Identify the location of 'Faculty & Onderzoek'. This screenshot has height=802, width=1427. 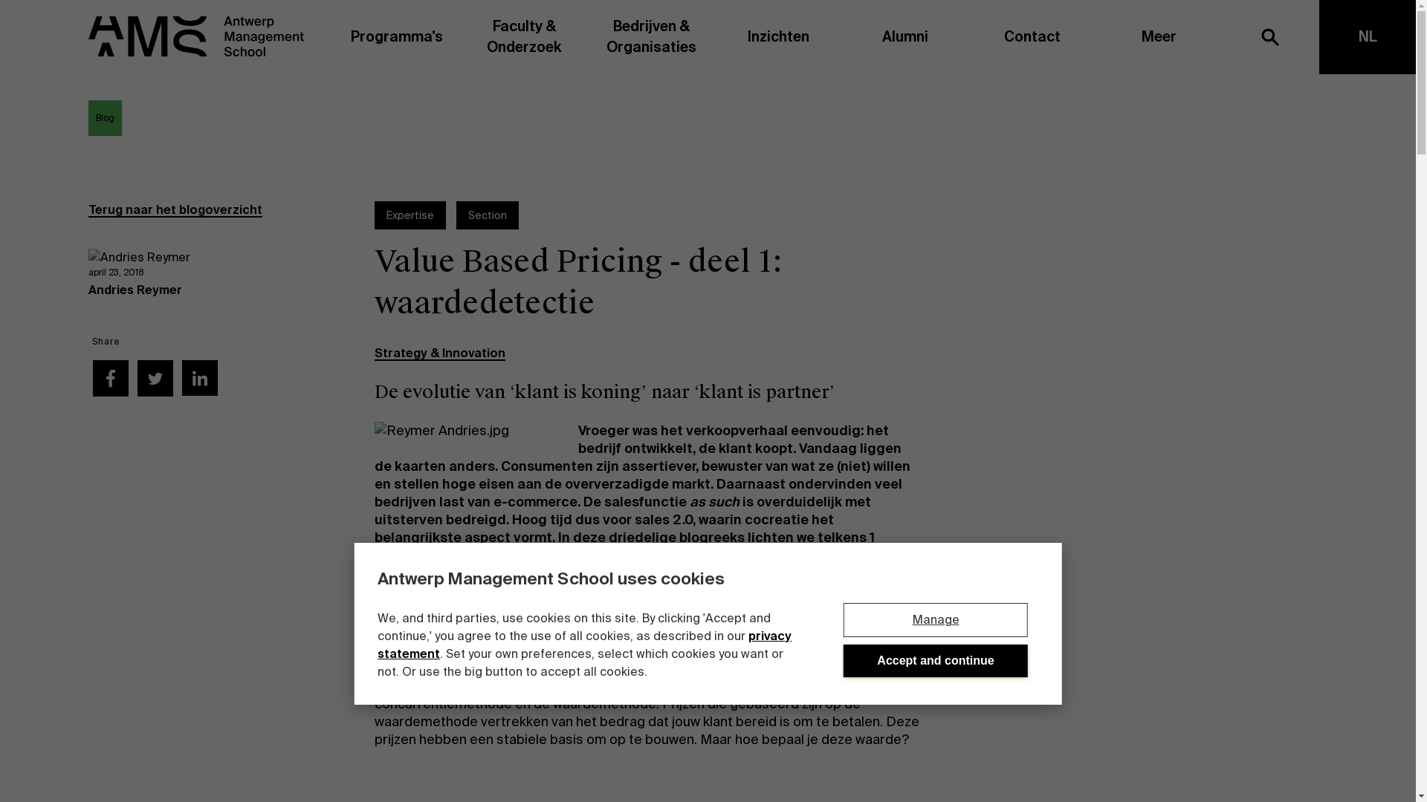
(524, 36).